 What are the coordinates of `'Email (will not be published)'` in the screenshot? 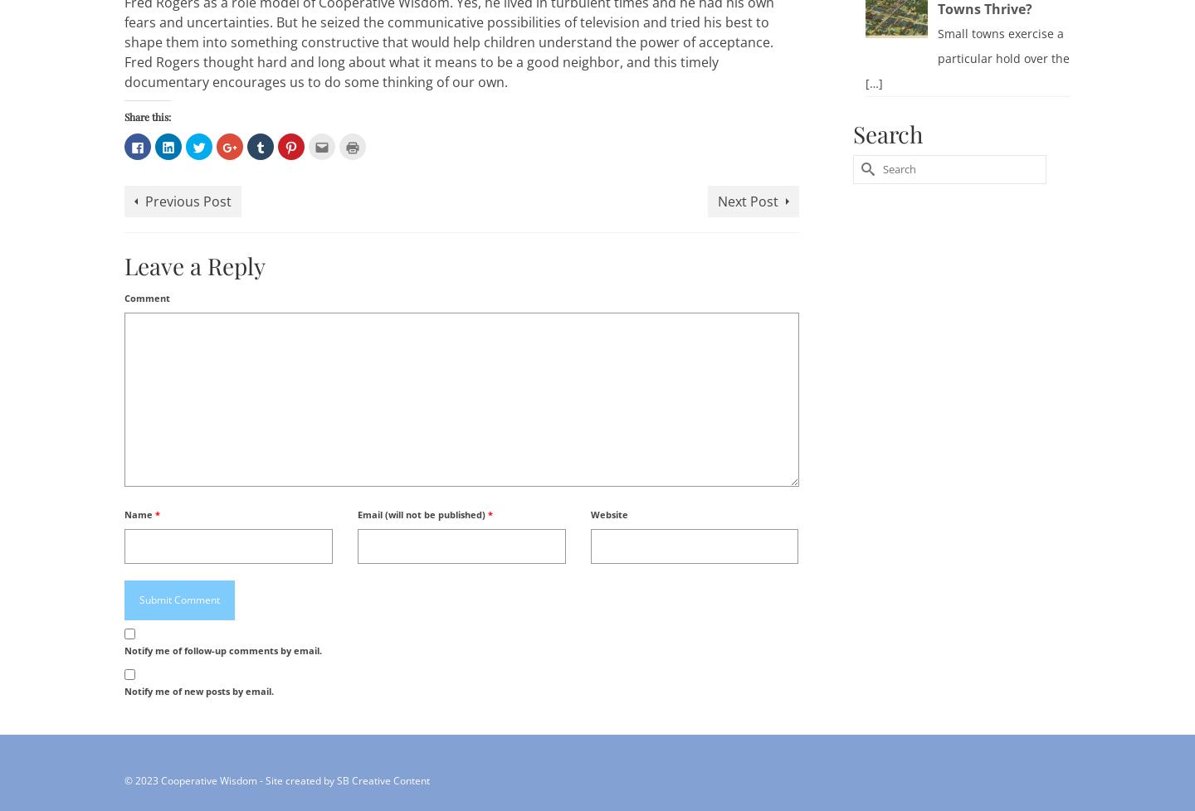 It's located at (421, 513).